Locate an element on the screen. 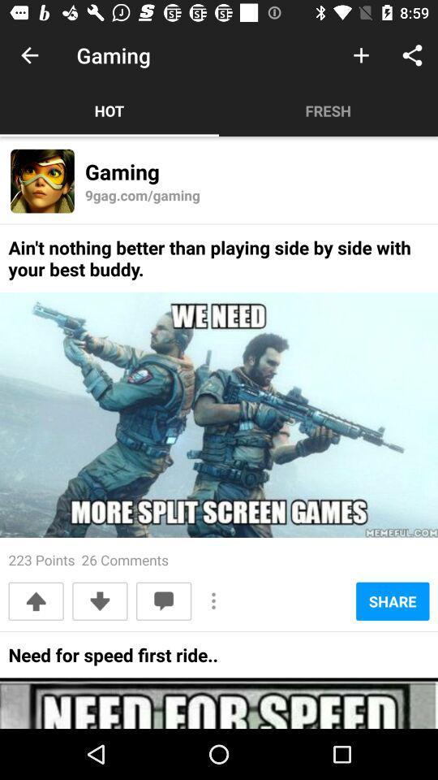 This screenshot has height=780, width=438. the item below the 223 points 	26 item is located at coordinates (36, 600).